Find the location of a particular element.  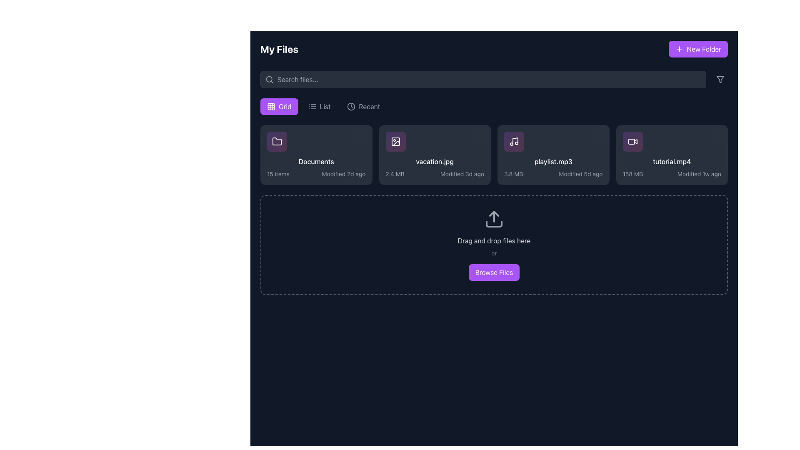

the grid-like icon consisting of a 3x3 arrangement of square segments is located at coordinates (271, 106).